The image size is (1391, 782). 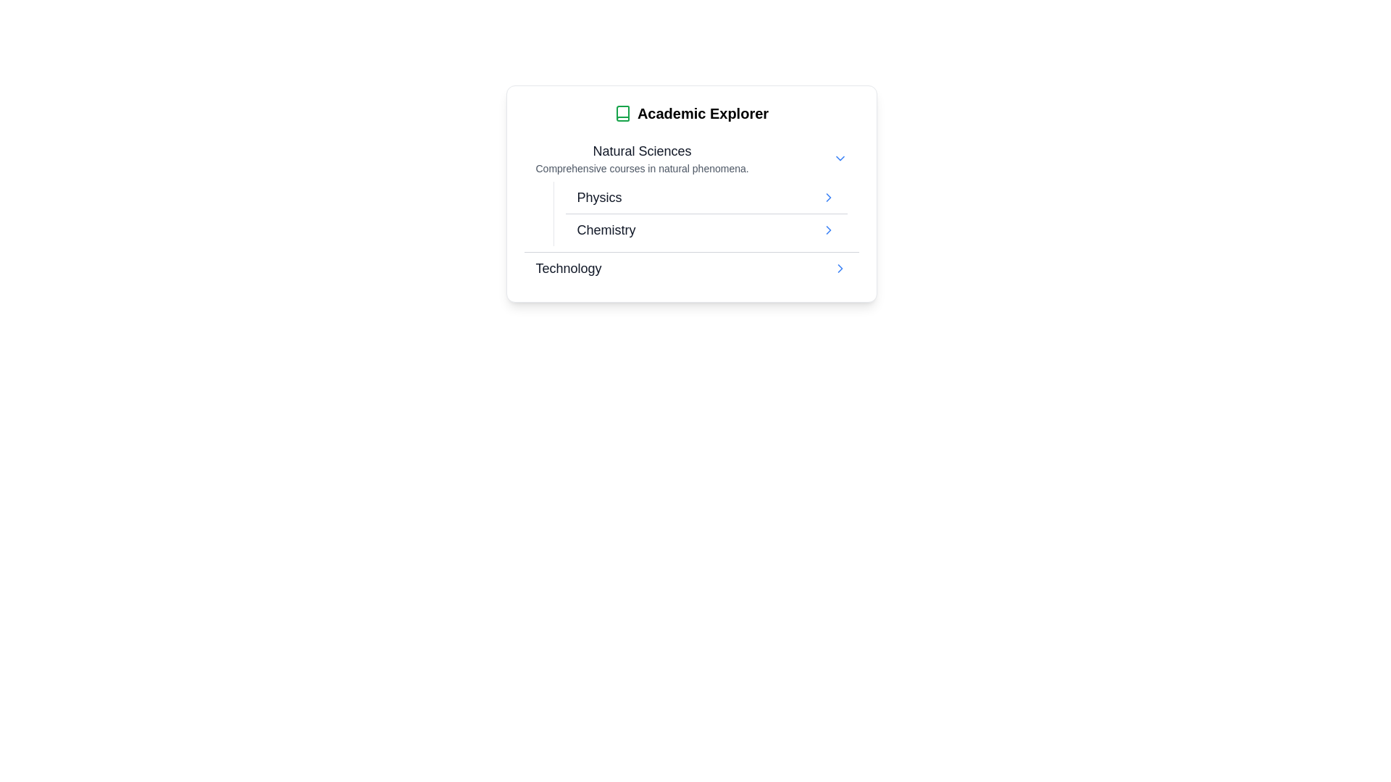 What do you see at coordinates (828, 198) in the screenshot?
I see `the right-facing chevron icon with a thin blue outline located near the text 'Physics'` at bounding box center [828, 198].